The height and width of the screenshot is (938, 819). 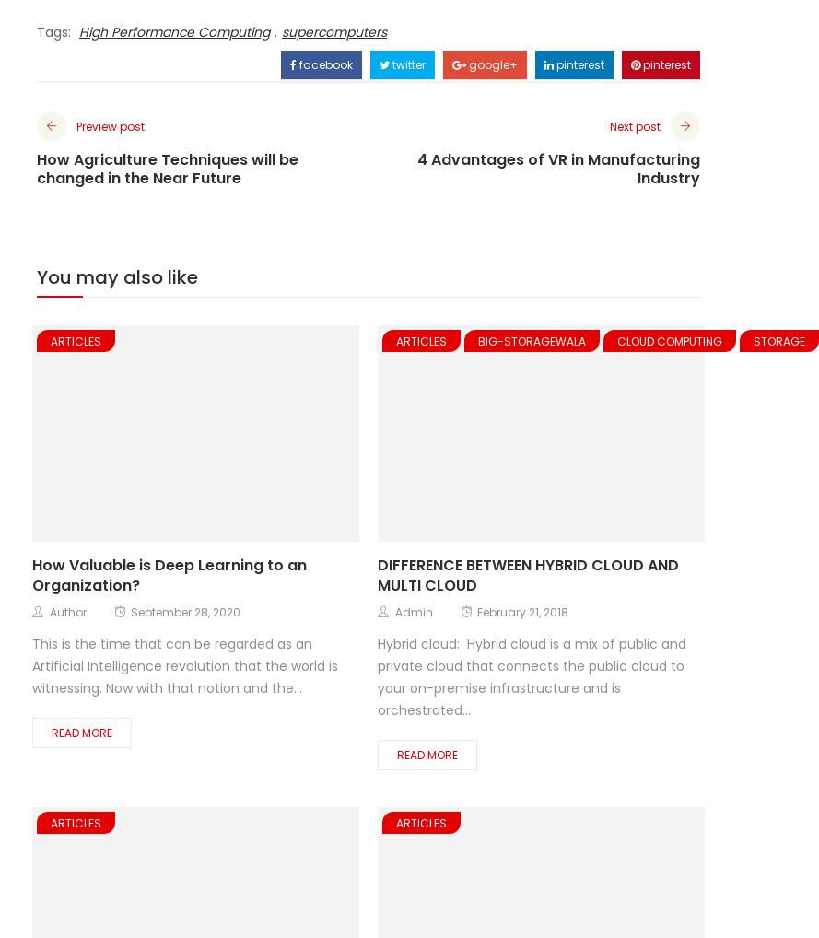 What do you see at coordinates (531, 340) in the screenshot?
I see `'Big-Storagewala'` at bounding box center [531, 340].